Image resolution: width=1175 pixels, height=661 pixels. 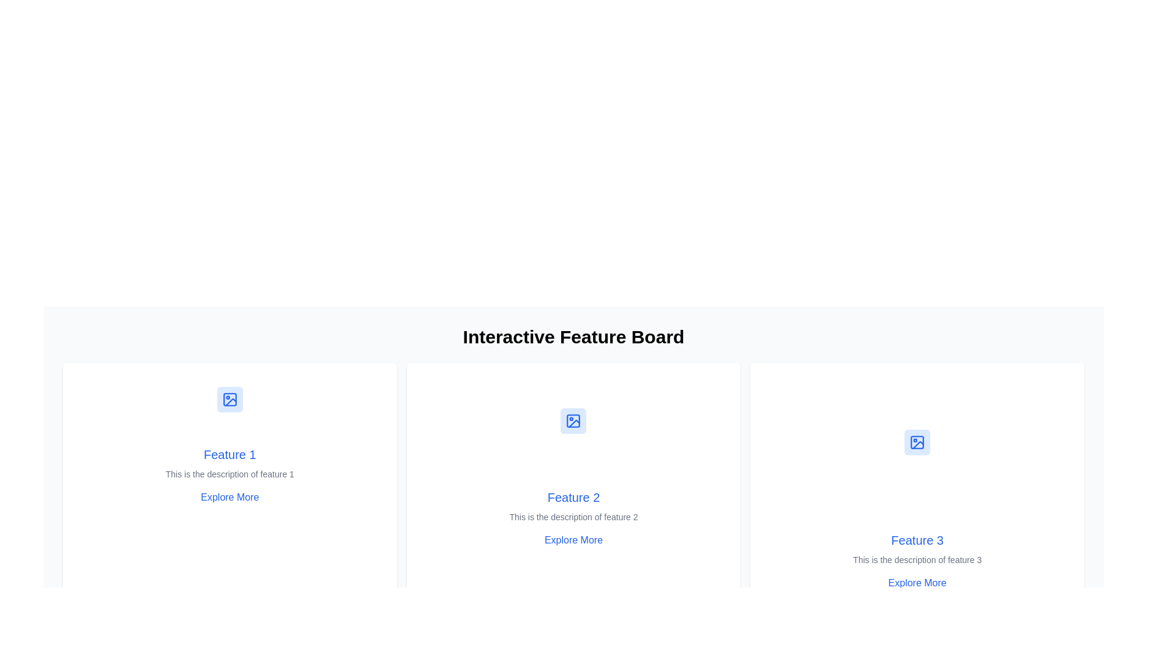 I want to click on the visual graphic icon, which is the leftmost element in a flexbox layout and the first icon in a row of three, so click(x=917, y=442).